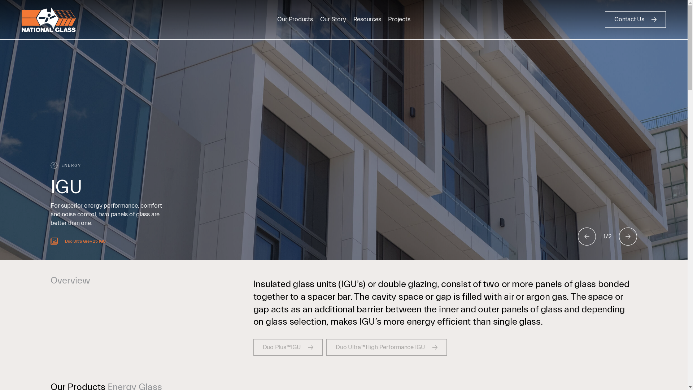 The width and height of the screenshot is (693, 390). I want to click on 'Contact Us', so click(635, 19).